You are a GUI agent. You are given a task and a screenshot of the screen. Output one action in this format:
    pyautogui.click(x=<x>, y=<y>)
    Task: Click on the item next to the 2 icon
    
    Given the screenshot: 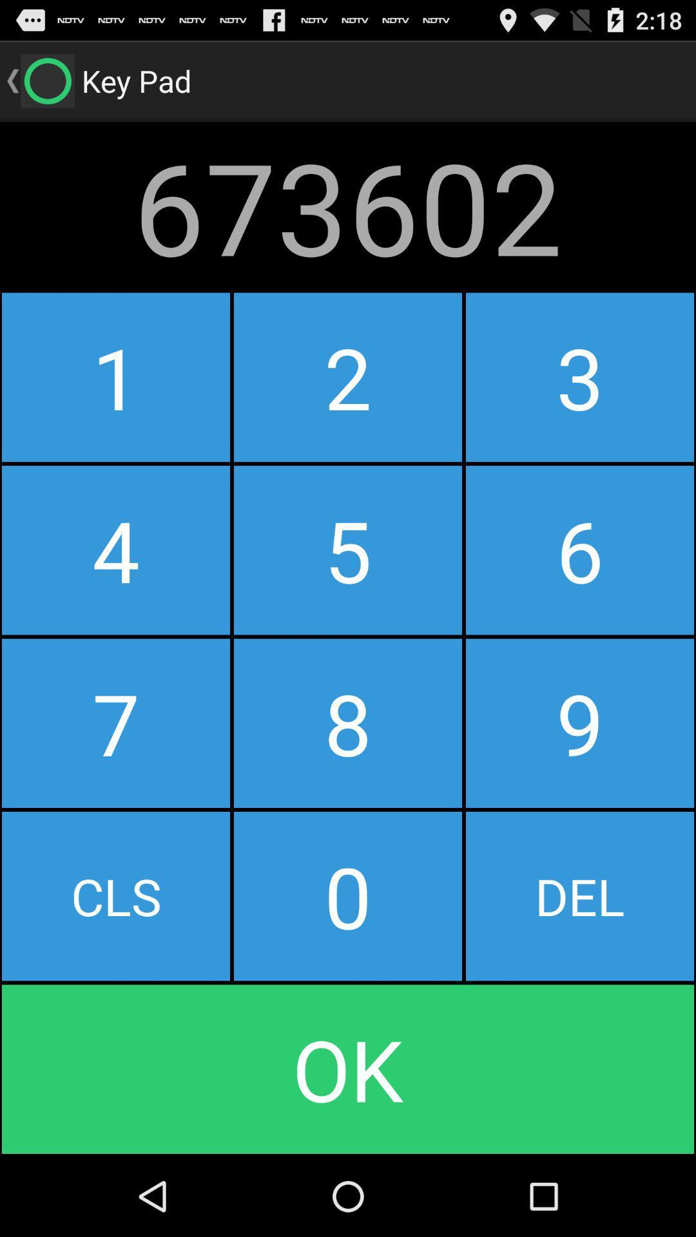 What is the action you would take?
    pyautogui.click(x=116, y=550)
    